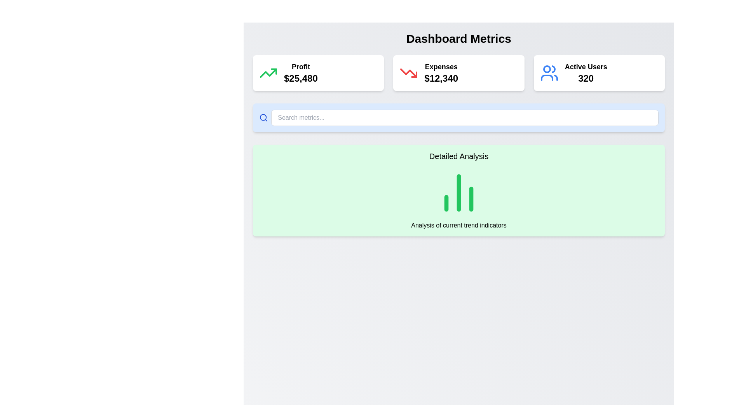 Image resolution: width=746 pixels, height=420 pixels. I want to click on the 'Active Users' icon located in the upper-right corner of the dashboard, which visually represents the concept of 'Active Users', so click(549, 73).